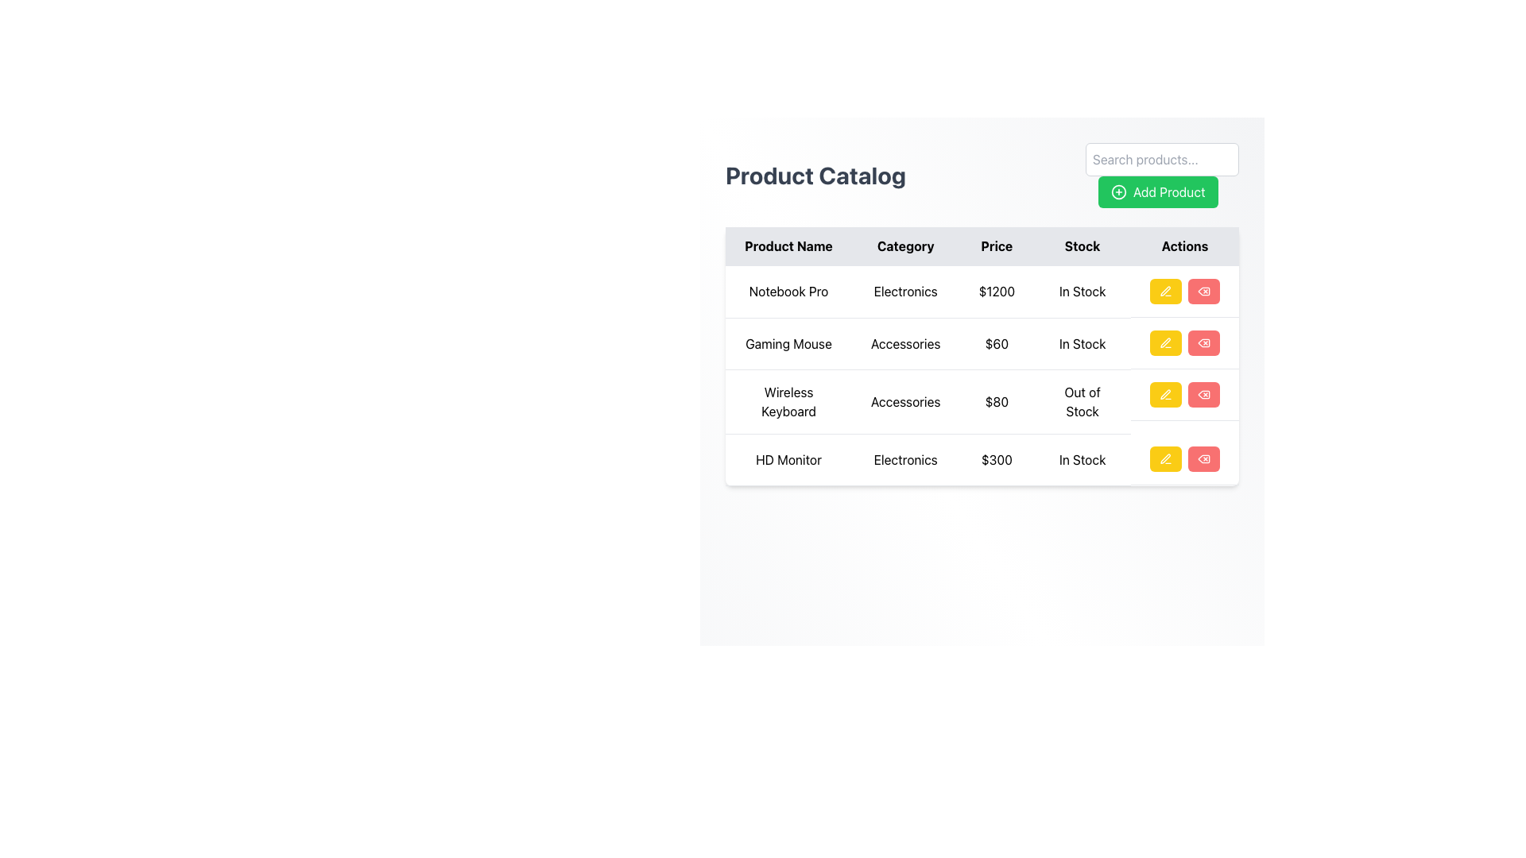  I want to click on the delete button located in the Actions column for the 'HD Monitor' product entry, so click(1204, 459).